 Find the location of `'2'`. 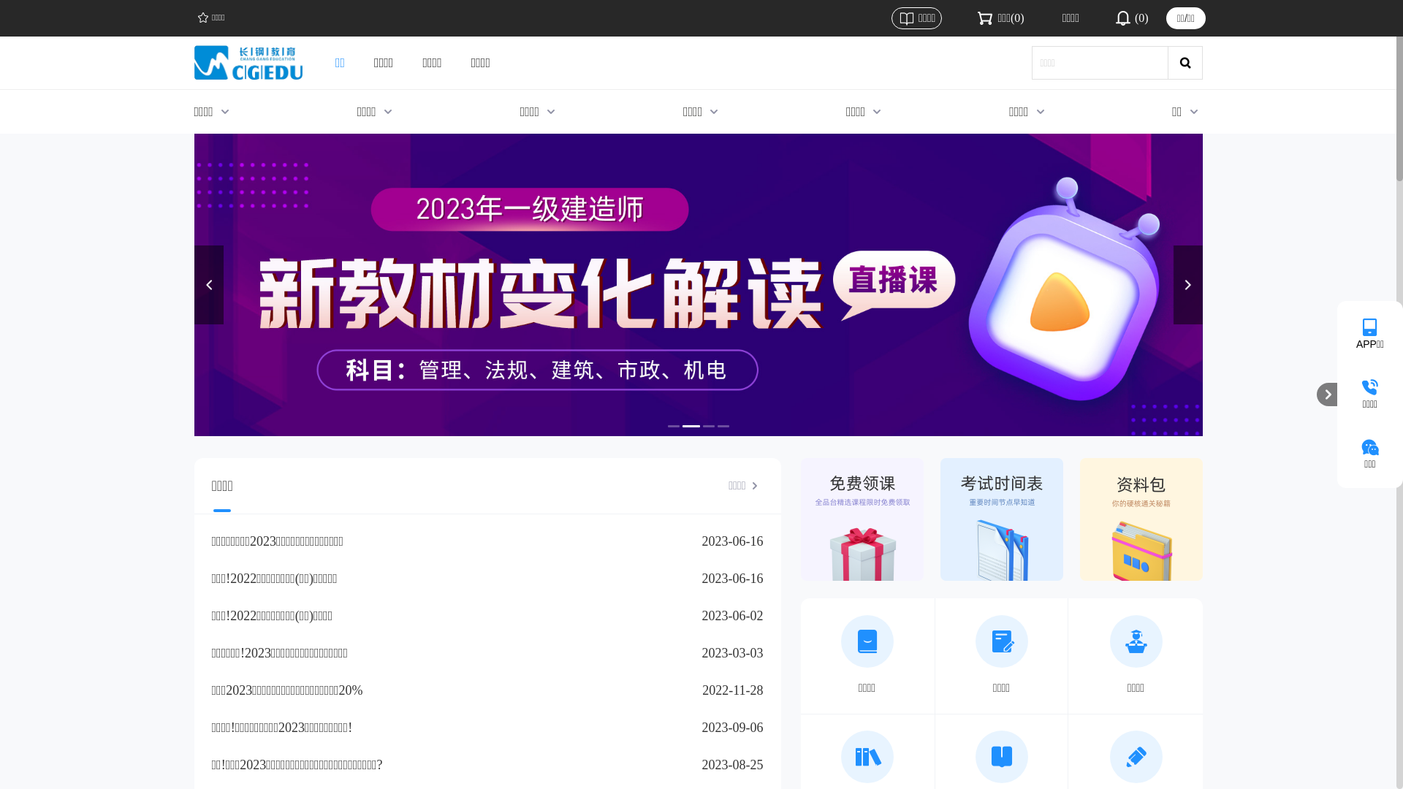

'2' is located at coordinates (682, 426).